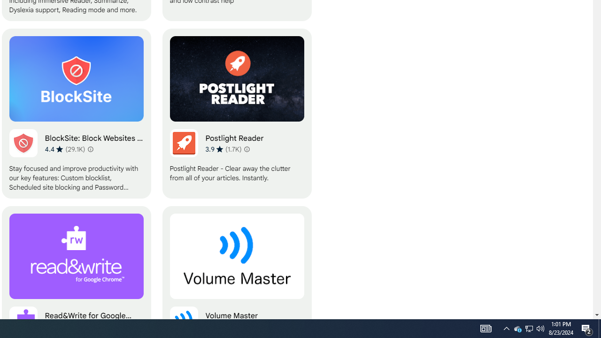 Image resolution: width=601 pixels, height=338 pixels. What do you see at coordinates (247, 148) in the screenshot?
I see `'Learn more about results and reviews "Postlight Reader"'` at bounding box center [247, 148].